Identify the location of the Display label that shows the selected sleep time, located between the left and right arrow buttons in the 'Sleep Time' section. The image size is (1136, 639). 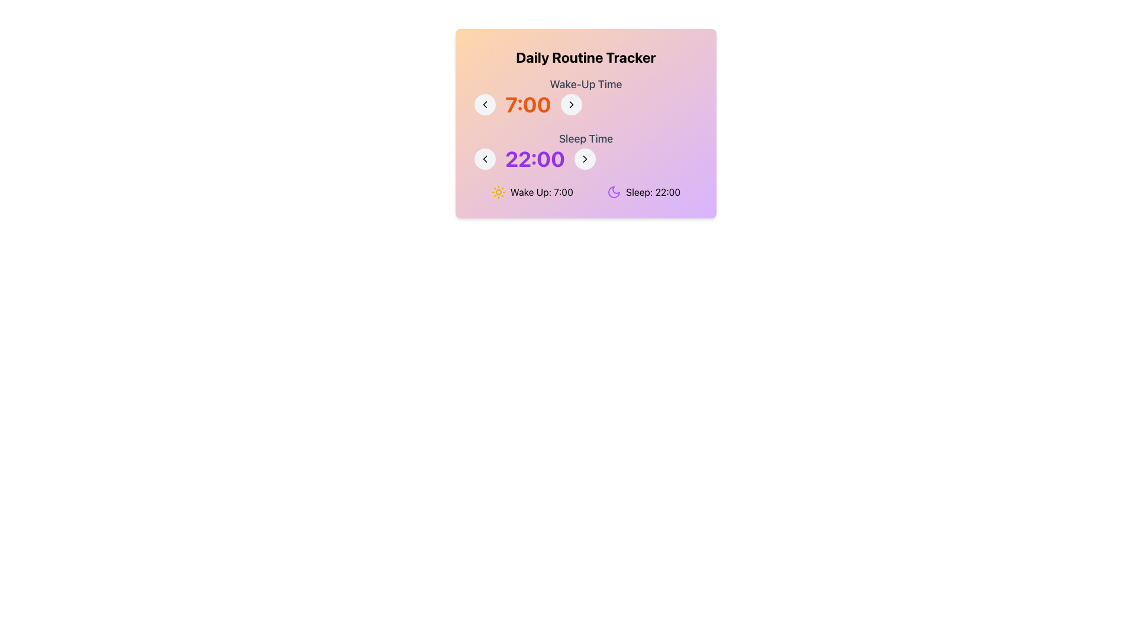
(586, 159).